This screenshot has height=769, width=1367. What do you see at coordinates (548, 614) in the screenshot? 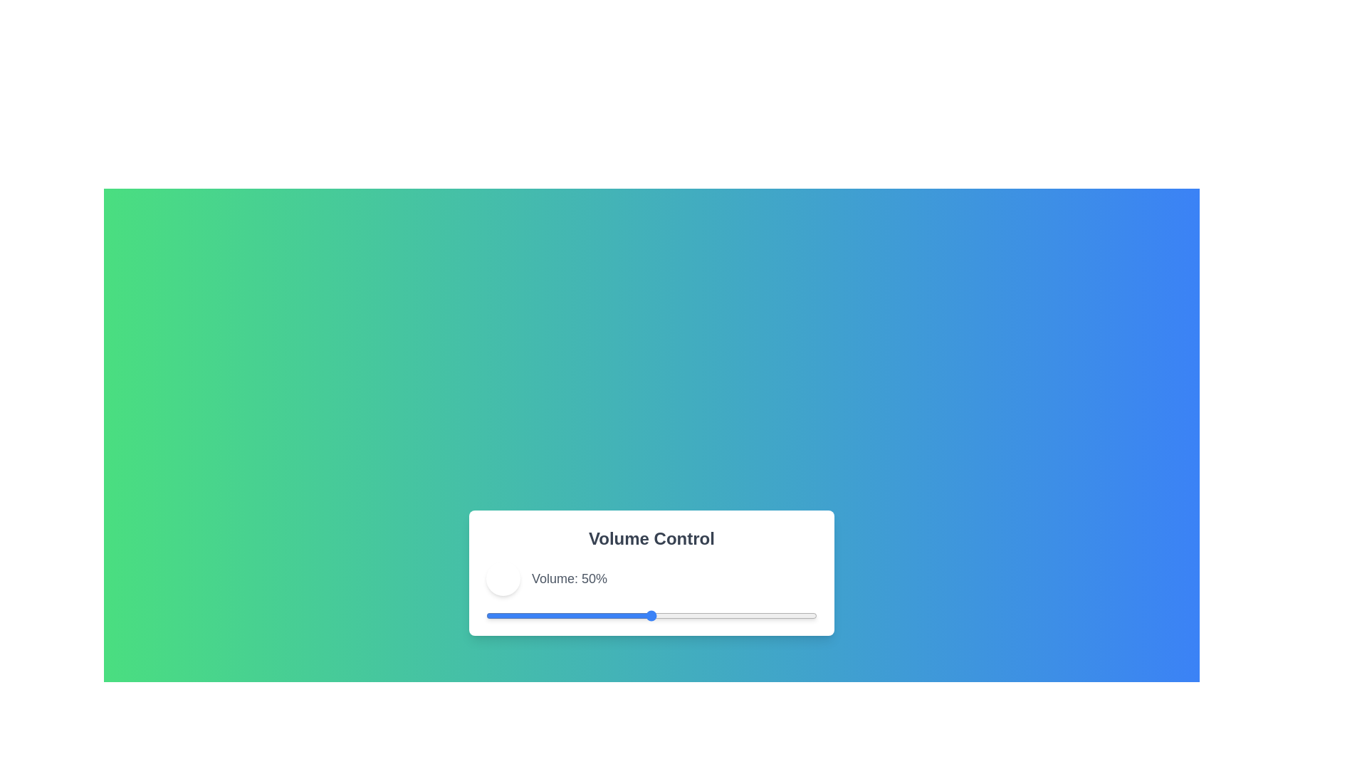
I see `the slider` at bounding box center [548, 614].